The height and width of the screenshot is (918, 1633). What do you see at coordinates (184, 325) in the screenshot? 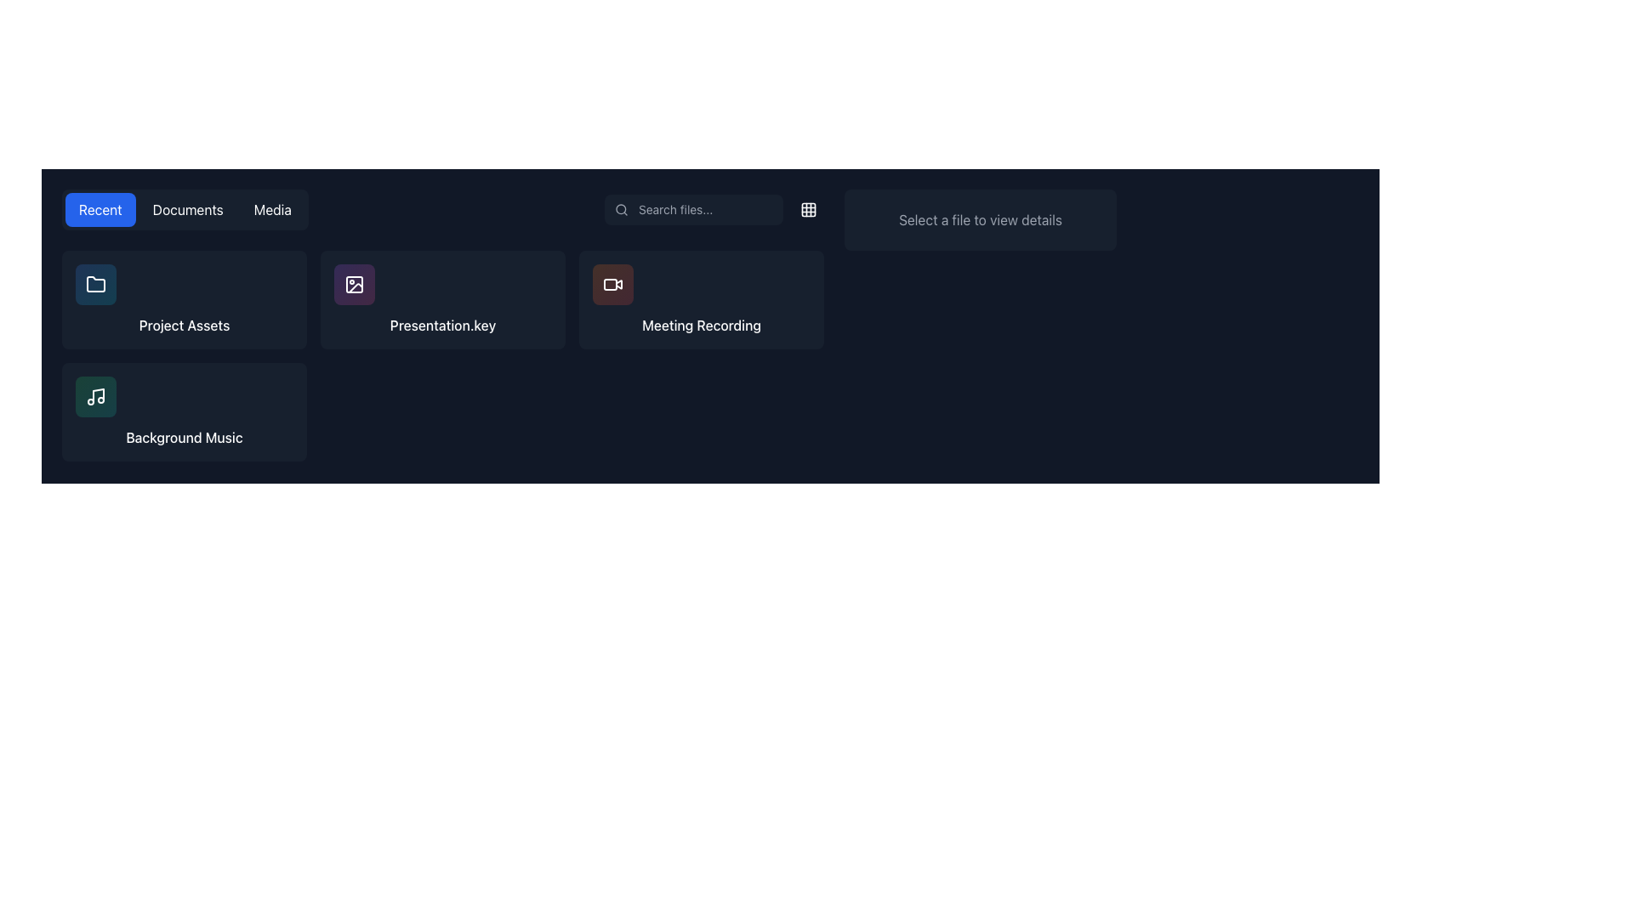
I see `the static text label indicating 'Project Assets', which is located beneath a folder icon in the grid layout` at bounding box center [184, 325].